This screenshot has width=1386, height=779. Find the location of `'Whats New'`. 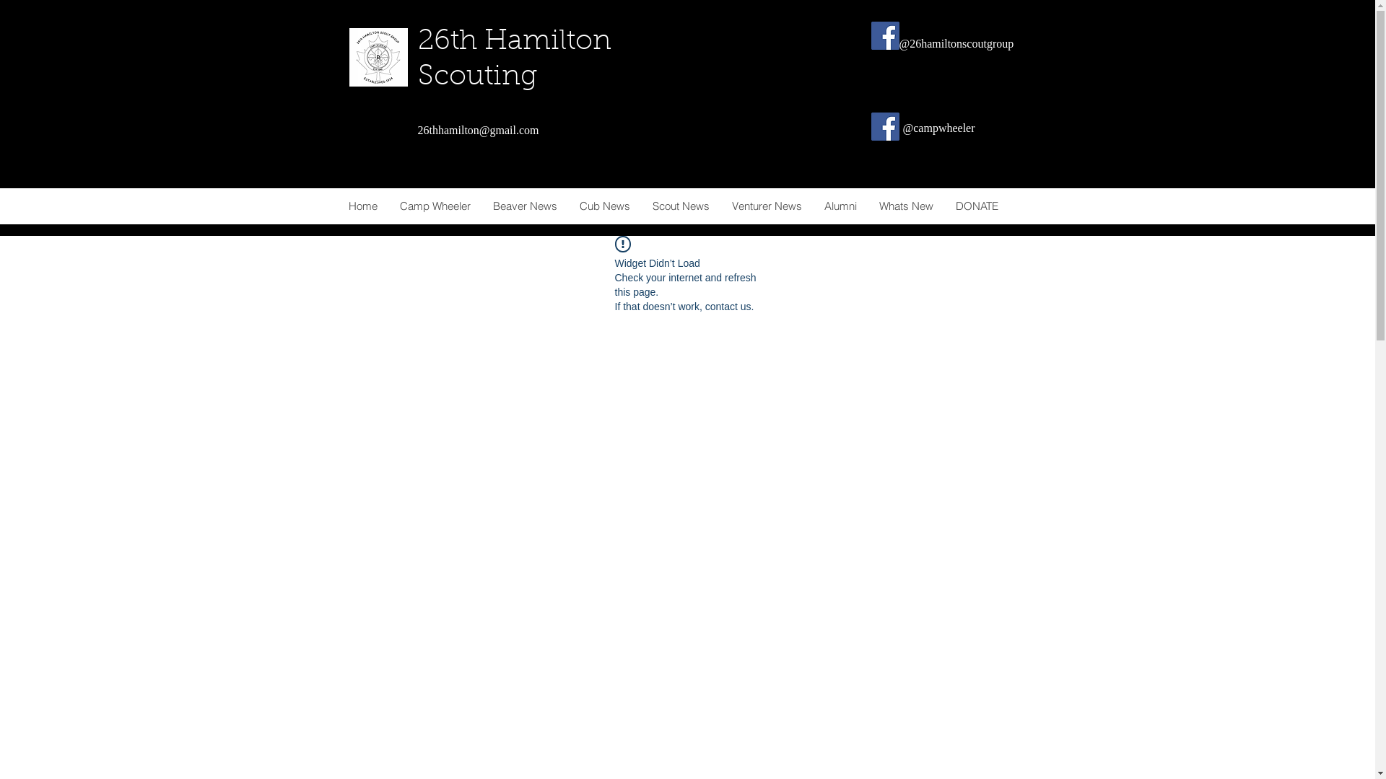

'Whats New' is located at coordinates (866, 206).